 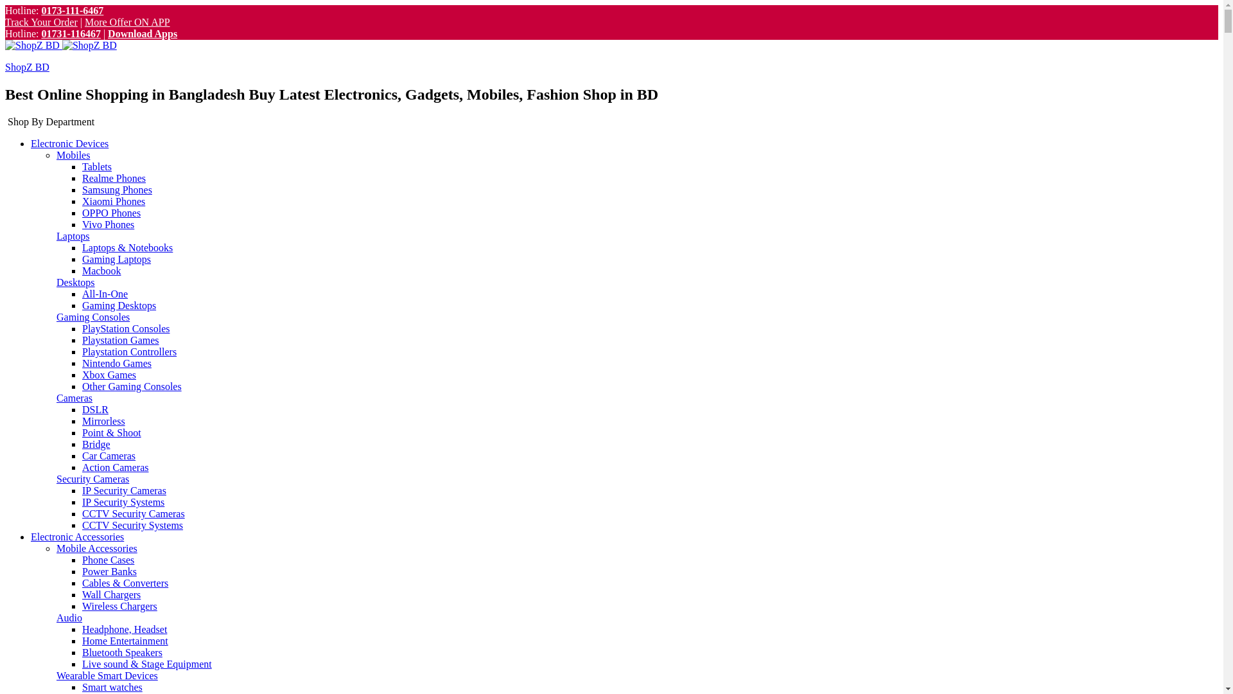 I want to click on 'DSLR', so click(x=94, y=409).